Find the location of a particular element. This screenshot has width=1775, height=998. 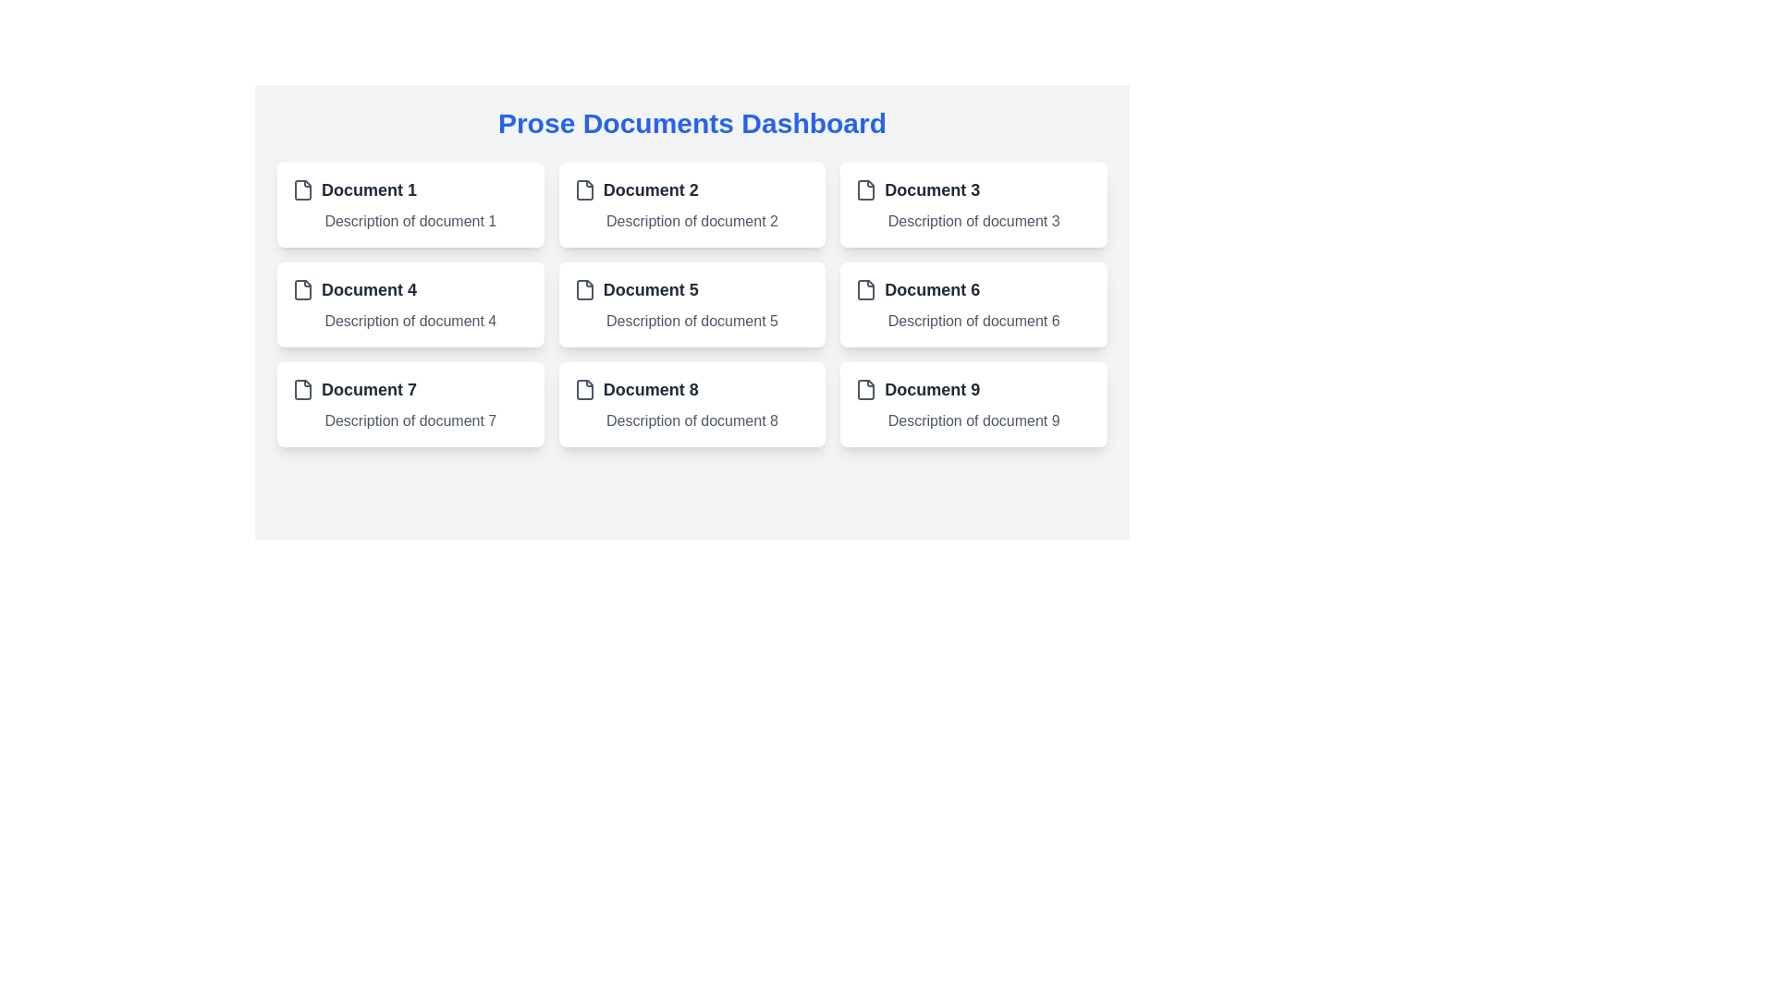

the text label displaying the title 'Document 5', which is styled with a large, bold font and accompanied by a file icon on its left is located at coordinates (691, 289).